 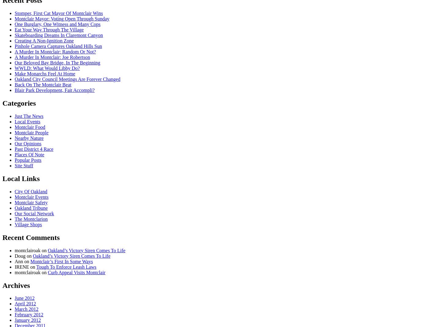 I want to click on 'City Of Oakland', so click(x=15, y=191).